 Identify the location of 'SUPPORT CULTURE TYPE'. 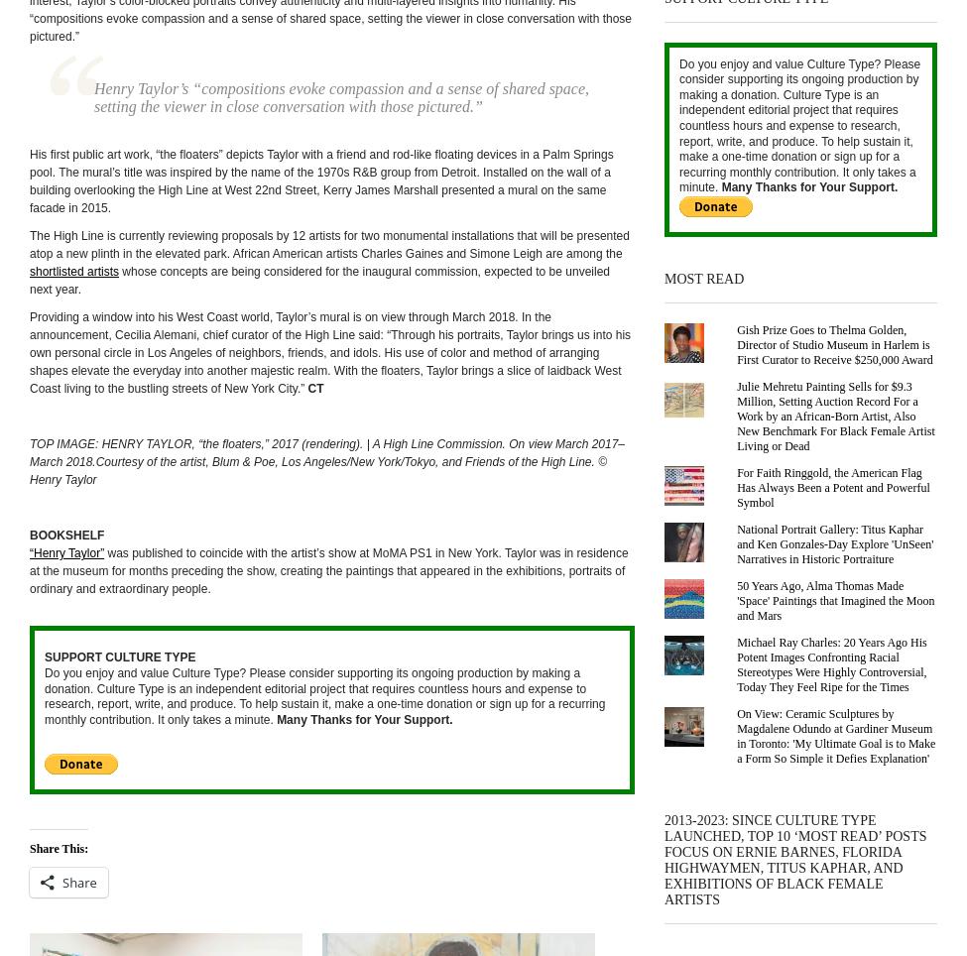
(118, 657).